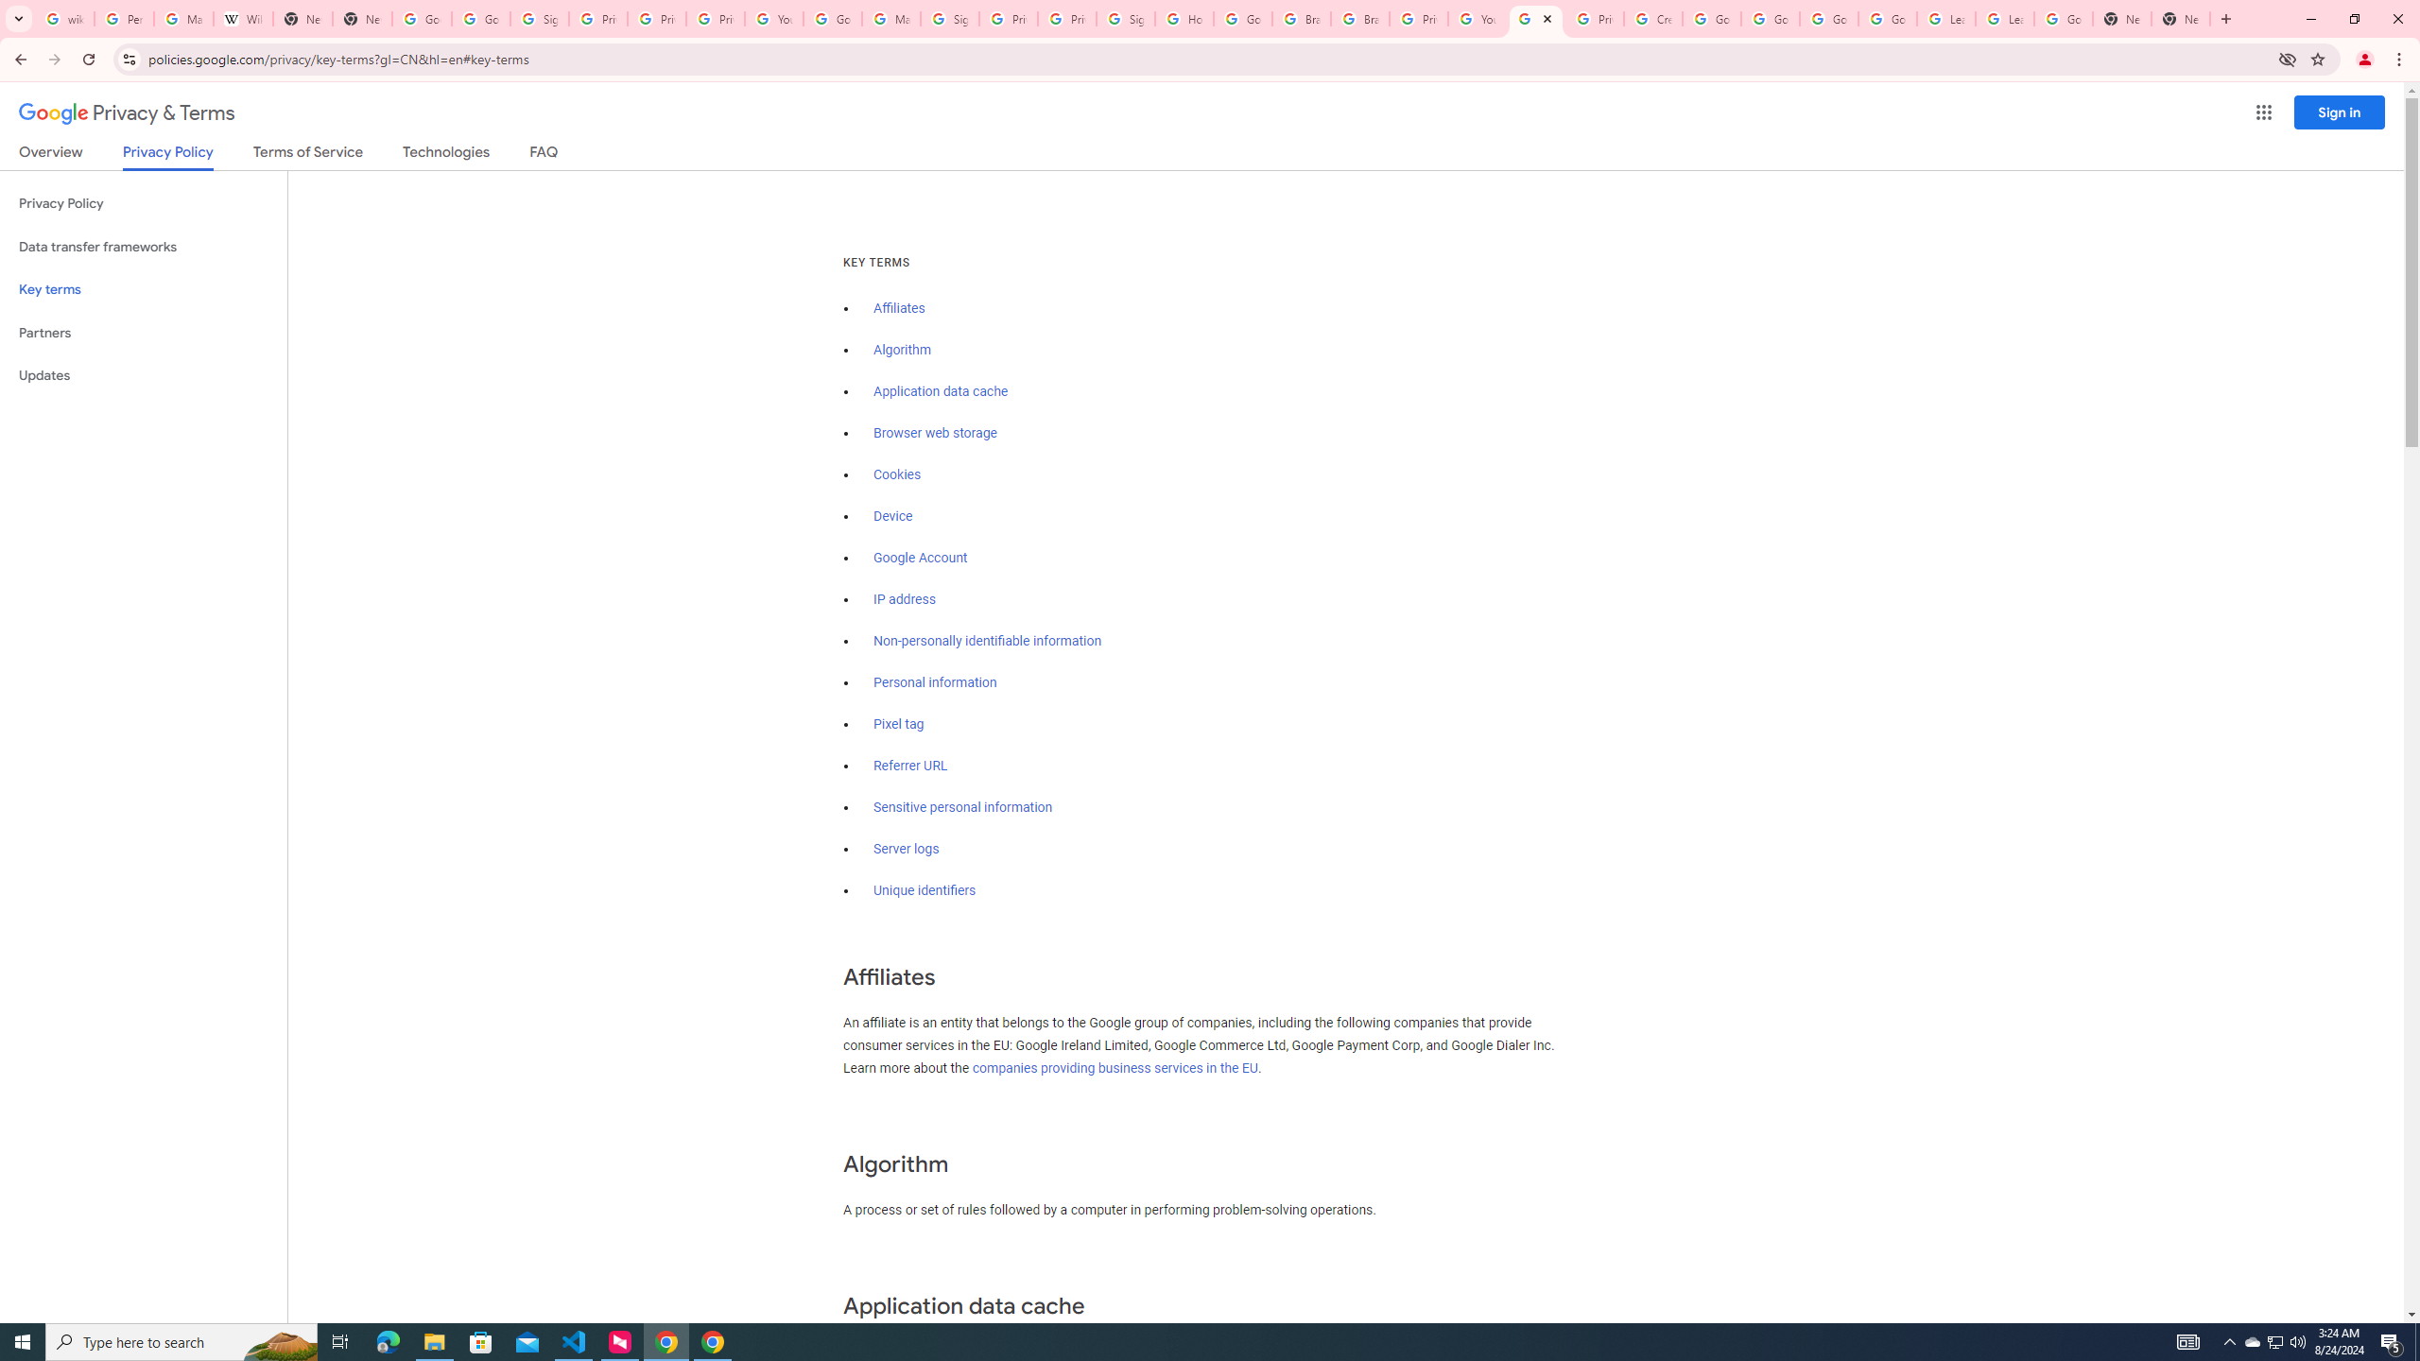  Describe the element at coordinates (242, 18) in the screenshot. I see `'Wikipedia:Edit requests - Wikipedia'` at that location.